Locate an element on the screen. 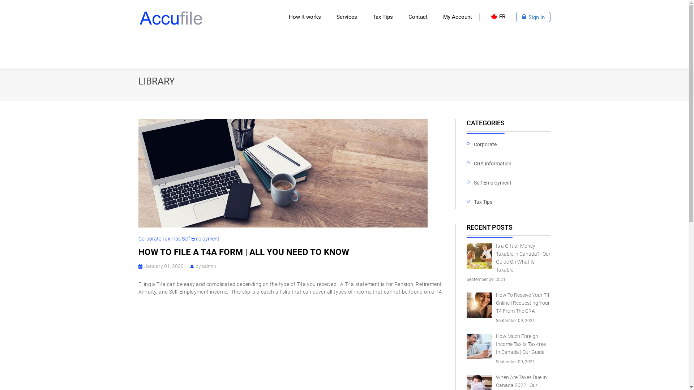 Image resolution: width=694 pixels, height=390 pixels. 'Contact' is located at coordinates (408, 16).